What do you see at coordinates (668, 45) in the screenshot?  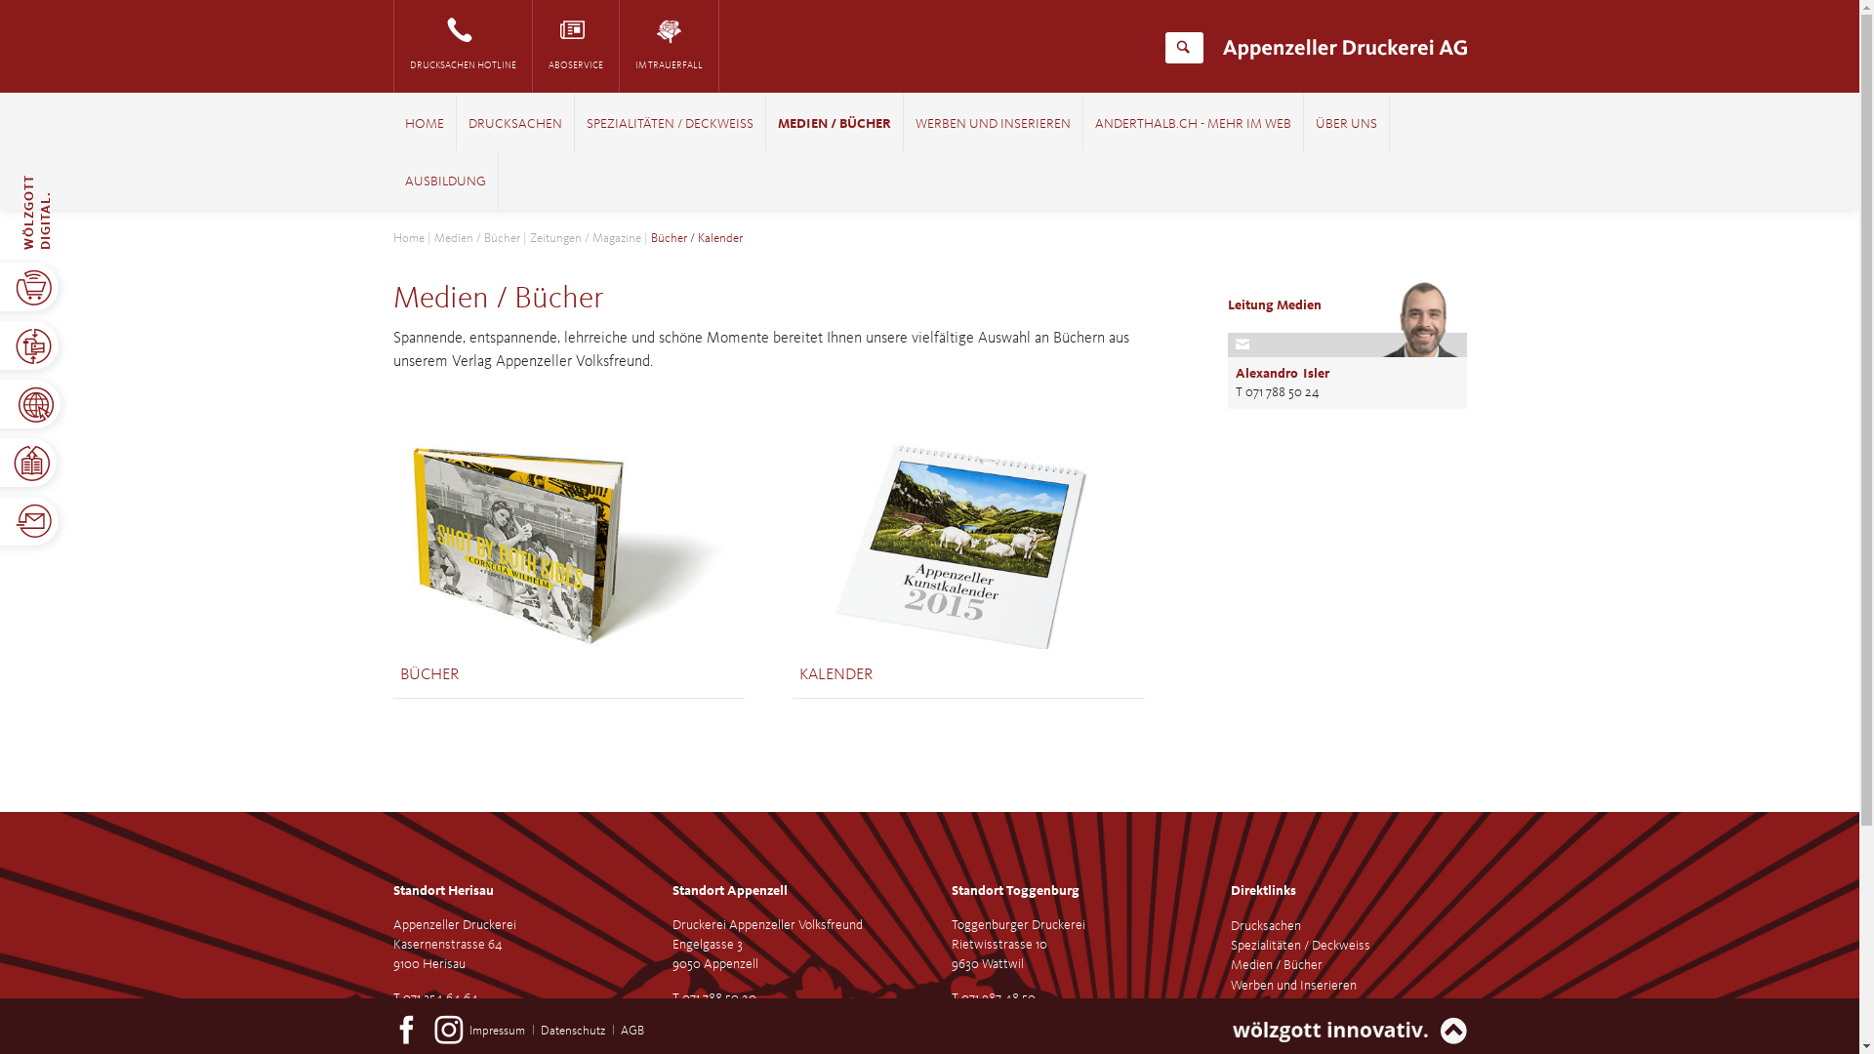 I see `'IM TRAUERFALL'` at bounding box center [668, 45].